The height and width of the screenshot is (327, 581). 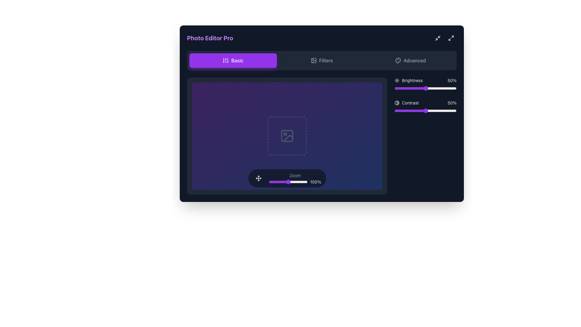 I want to click on the 'Filters' button located in the top navigation bar, which features an icon representing the 'Filters' functionality, so click(x=313, y=61).